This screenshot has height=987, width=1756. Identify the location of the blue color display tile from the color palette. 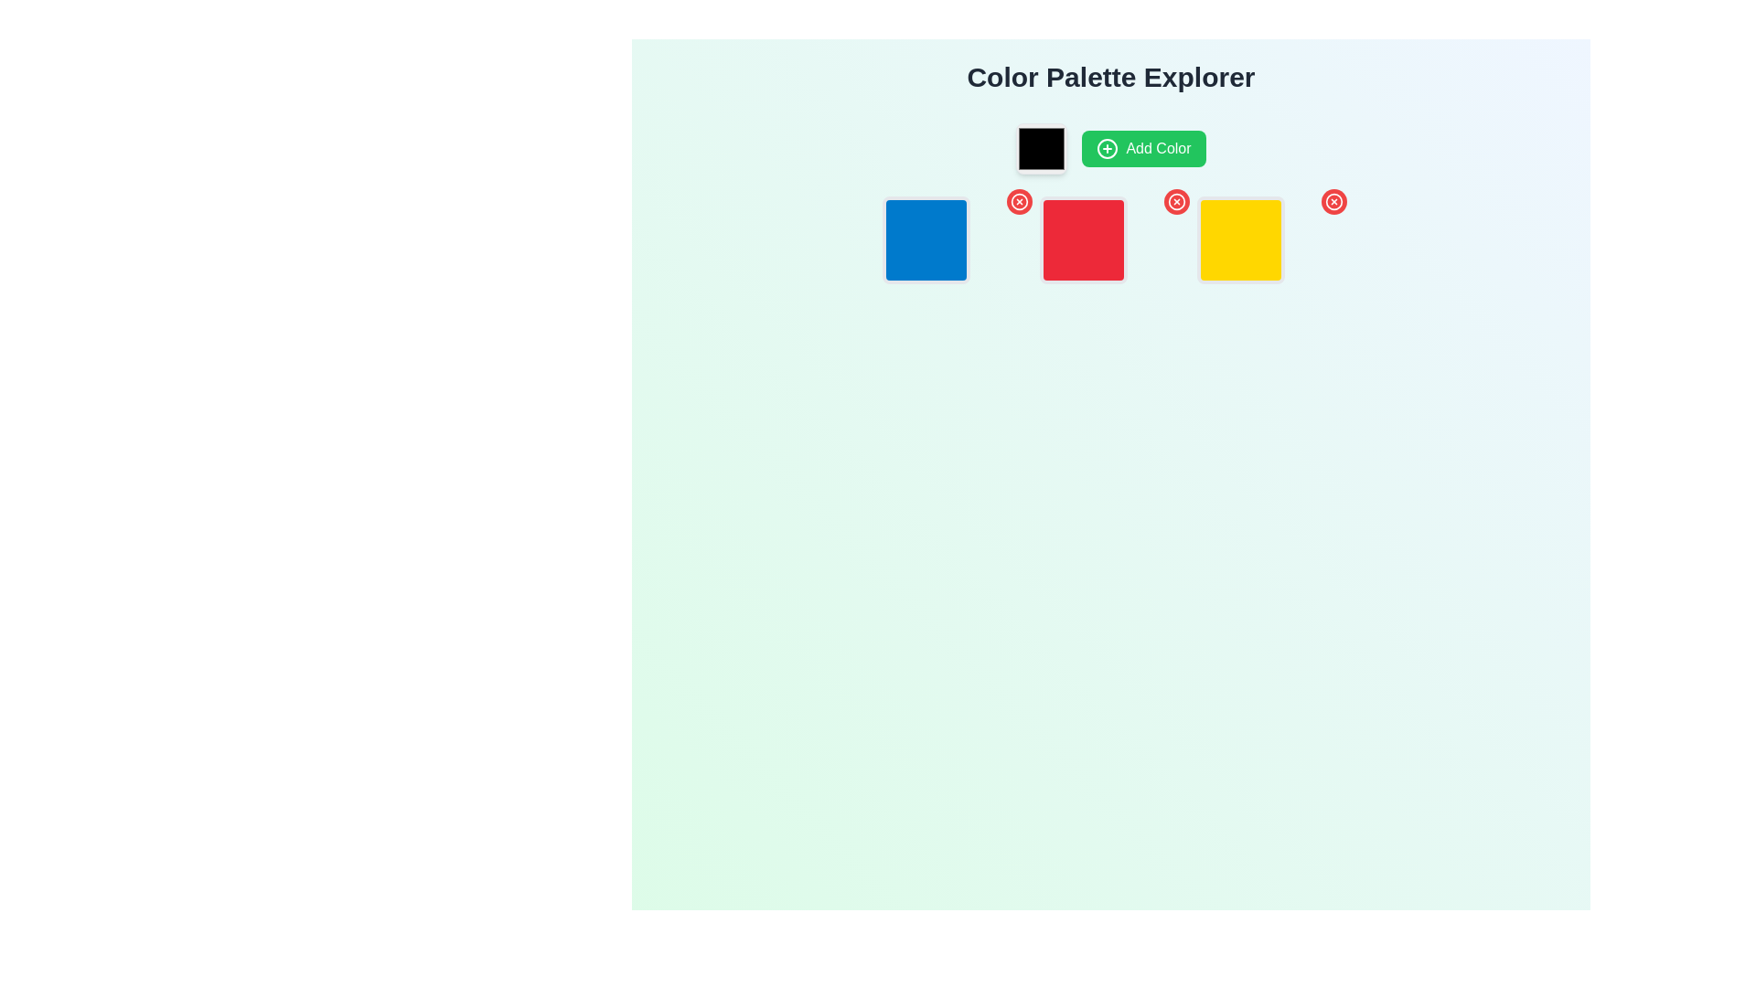
(952, 239).